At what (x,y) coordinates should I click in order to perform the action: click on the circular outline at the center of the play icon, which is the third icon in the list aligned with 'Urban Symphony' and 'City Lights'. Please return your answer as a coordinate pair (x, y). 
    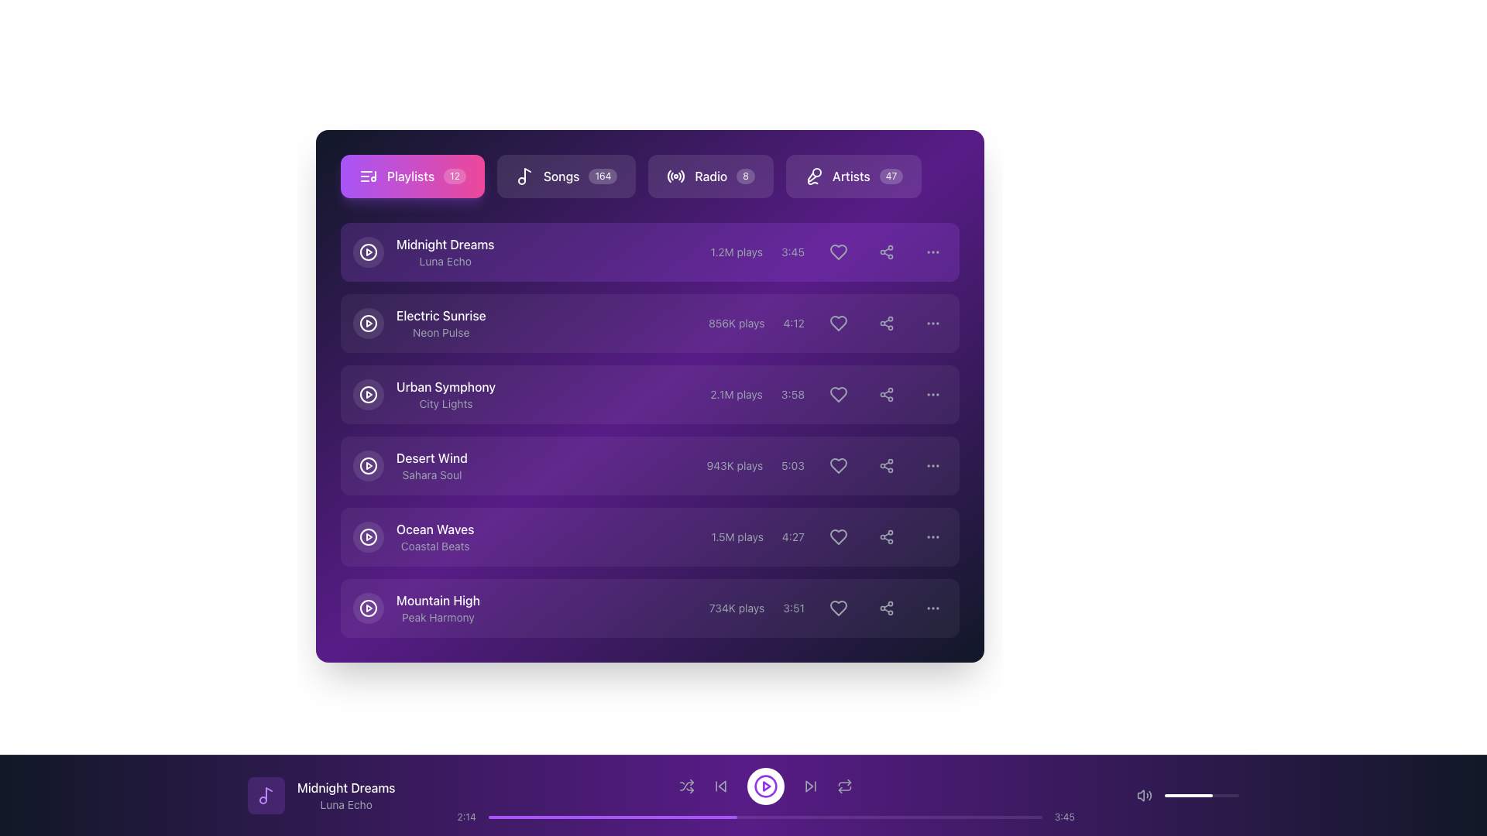
    Looking at the image, I should click on (367, 393).